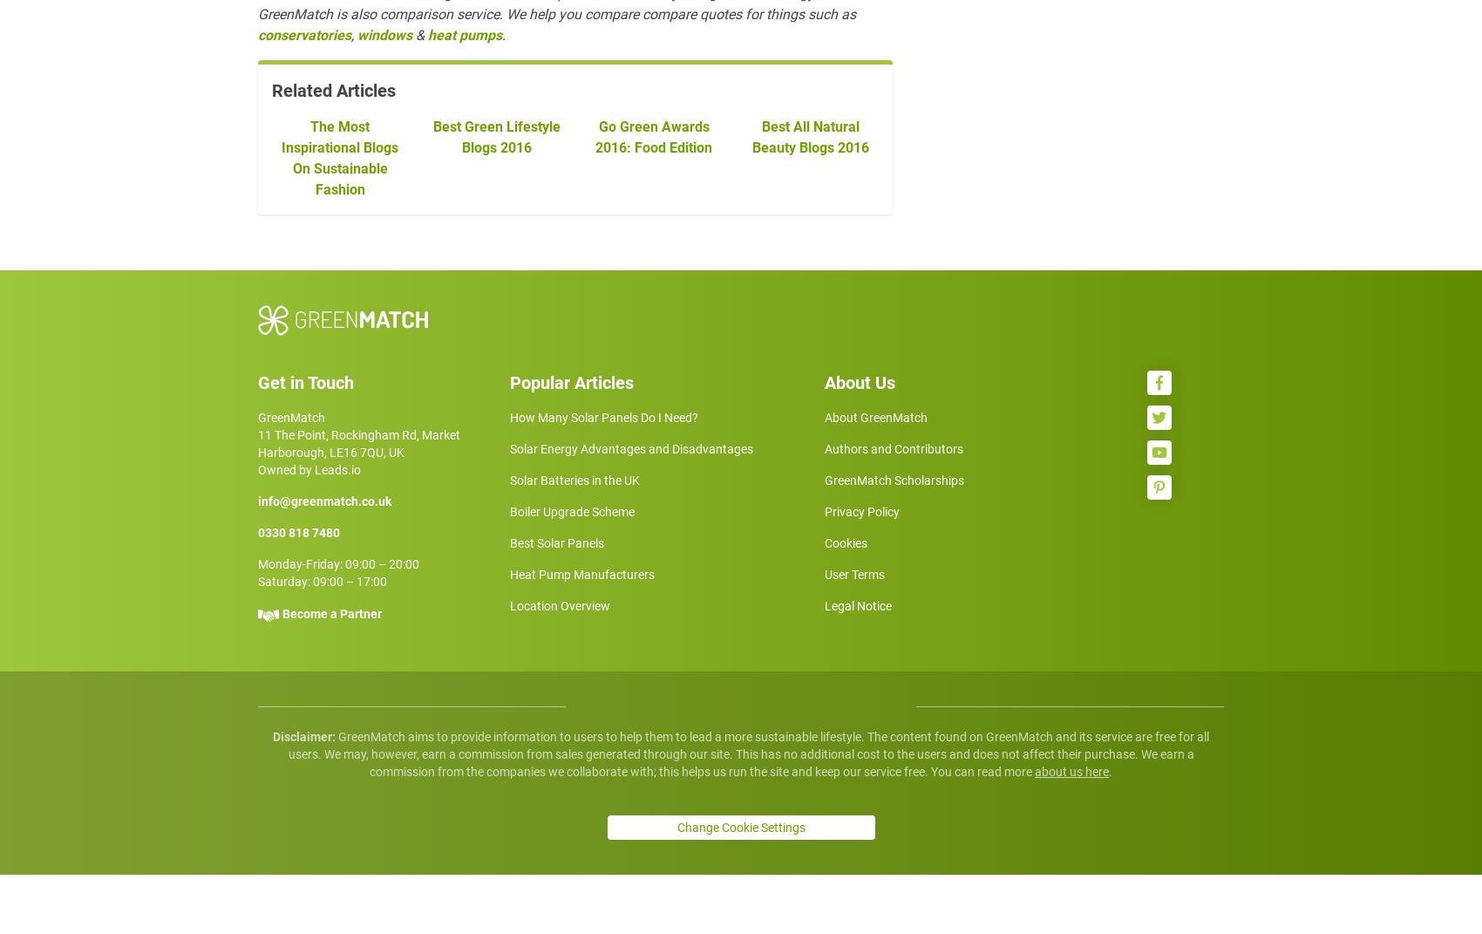 This screenshot has height=934, width=1482. What do you see at coordinates (857, 674) in the screenshot?
I see `'Legal Notice'` at bounding box center [857, 674].